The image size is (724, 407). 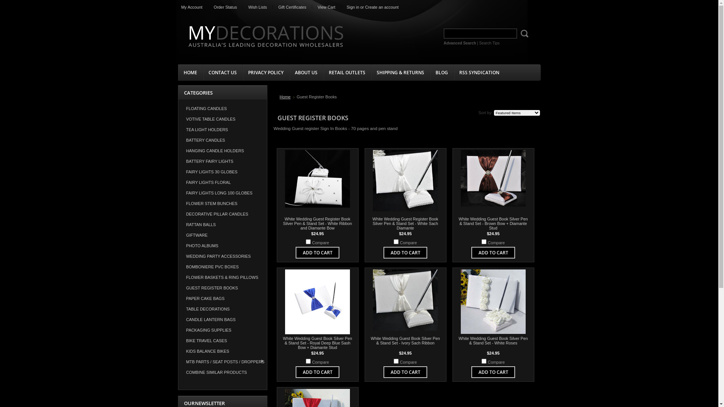 I want to click on 'PRIVACY POLICY', so click(x=265, y=72).